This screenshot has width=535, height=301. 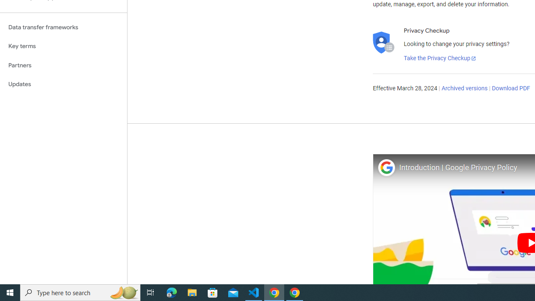 What do you see at coordinates (63, 84) in the screenshot?
I see `'Updates'` at bounding box center [63, 84].